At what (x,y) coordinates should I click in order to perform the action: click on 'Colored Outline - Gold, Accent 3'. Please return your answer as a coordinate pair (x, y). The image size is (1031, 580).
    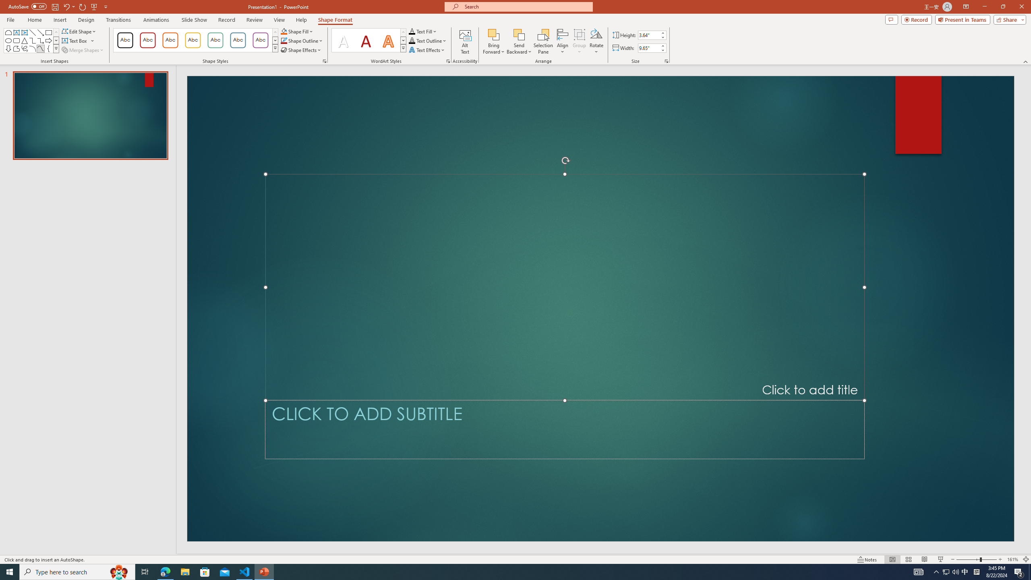
    Looking at the image, I should click on (192, 40).